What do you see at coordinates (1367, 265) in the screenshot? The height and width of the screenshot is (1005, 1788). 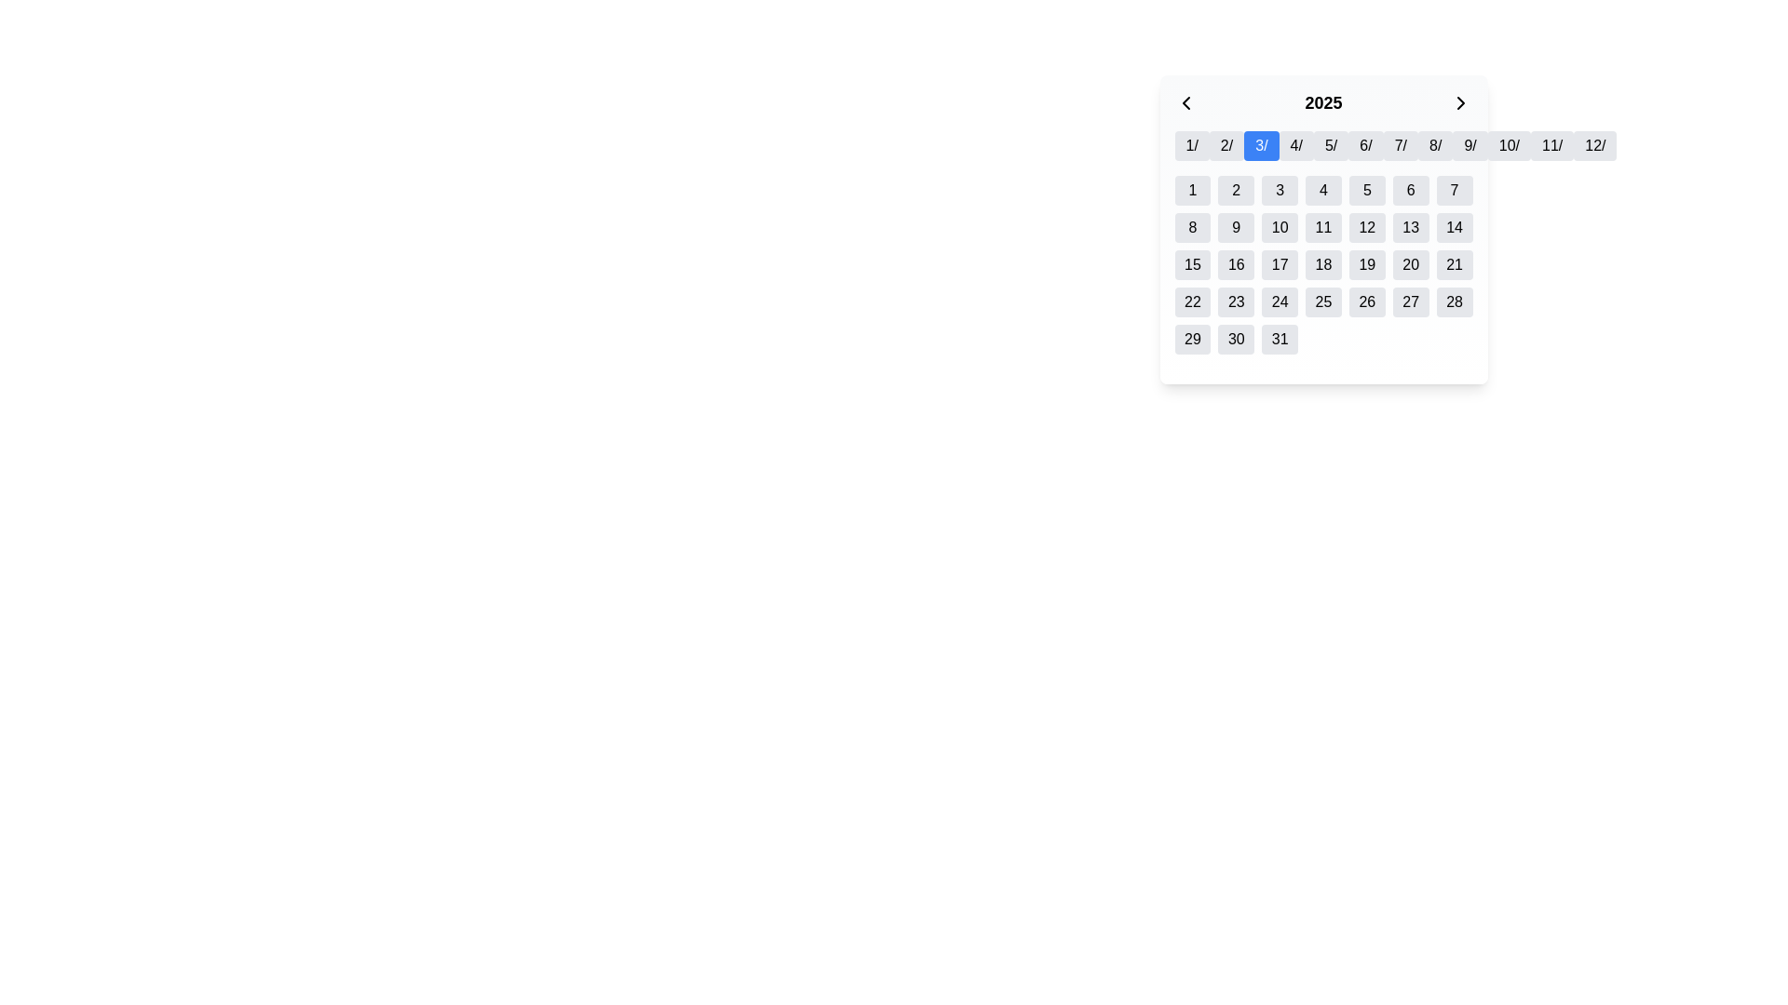 I see `the rounded rectangular button labeled '19' in the date picker interface` at bounding box center [1367, 265].